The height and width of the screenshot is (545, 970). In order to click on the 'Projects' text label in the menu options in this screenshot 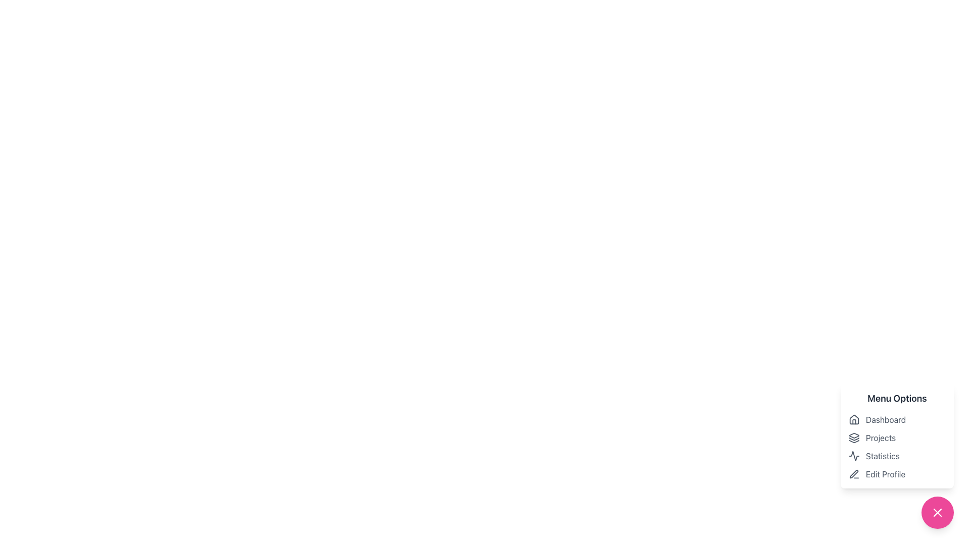, I will do `click(880, 437)`.